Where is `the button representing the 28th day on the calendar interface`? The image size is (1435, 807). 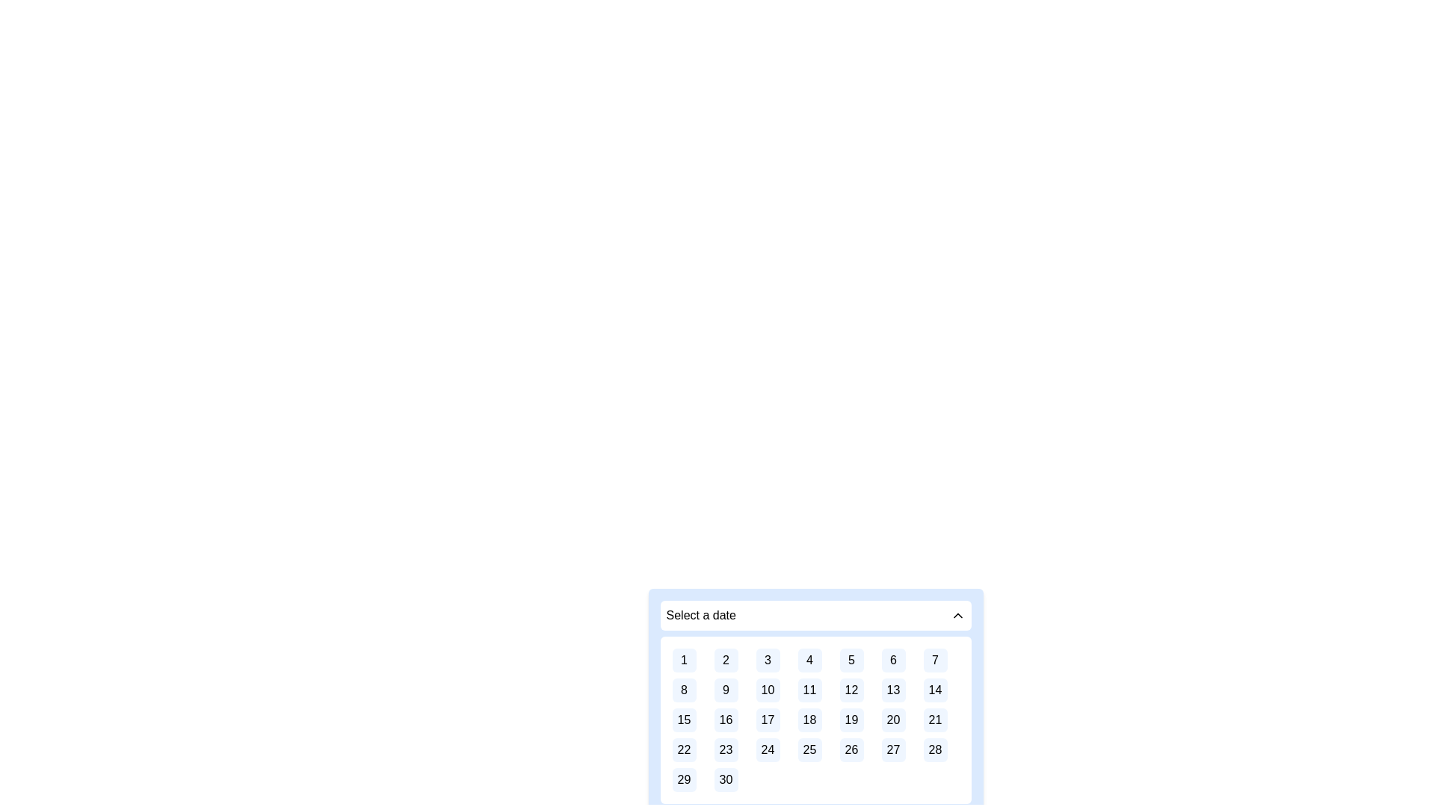 the button representing the 28th day on the calendar interface is located at coordinates (934, 749).